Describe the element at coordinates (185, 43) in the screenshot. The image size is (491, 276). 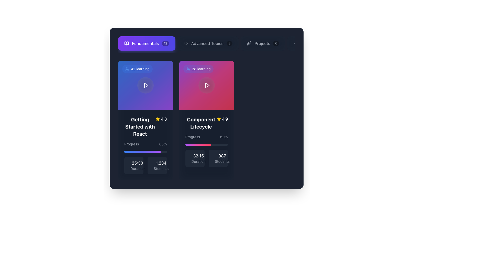
I see `the code symbol icon located to the left of the 'Advanced Topics' label in the top-center area of the interface` at that location.